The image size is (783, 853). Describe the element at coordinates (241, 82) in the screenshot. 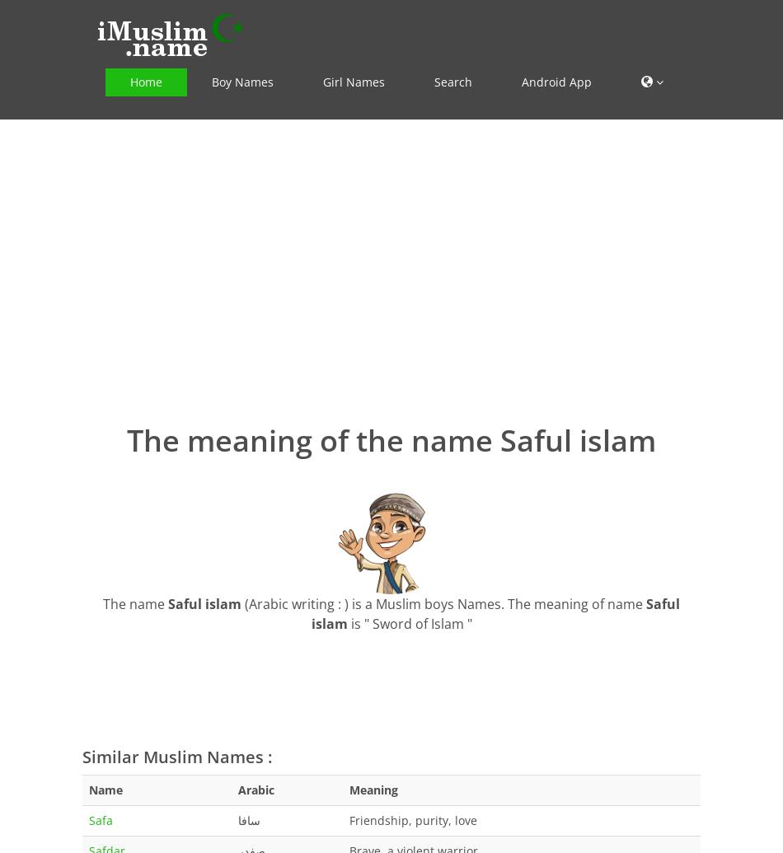

I see `'Boy Names'` at that location.